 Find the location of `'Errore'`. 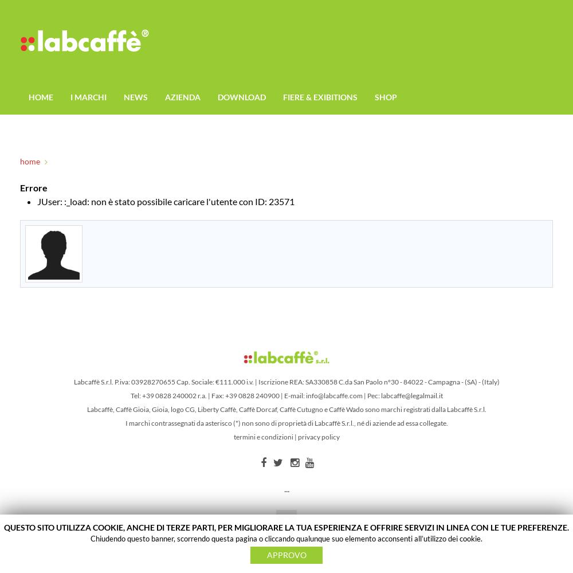

'Errore' is located at coordinates (34, 187).